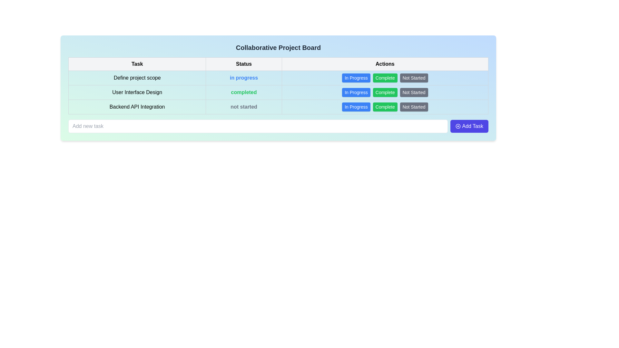 The image size is (619, 348). I want to click on the green 'Complete' button with white text, located in the 'Actions' column of the last row of the table, to mark the task as complete, so click(385, 106).